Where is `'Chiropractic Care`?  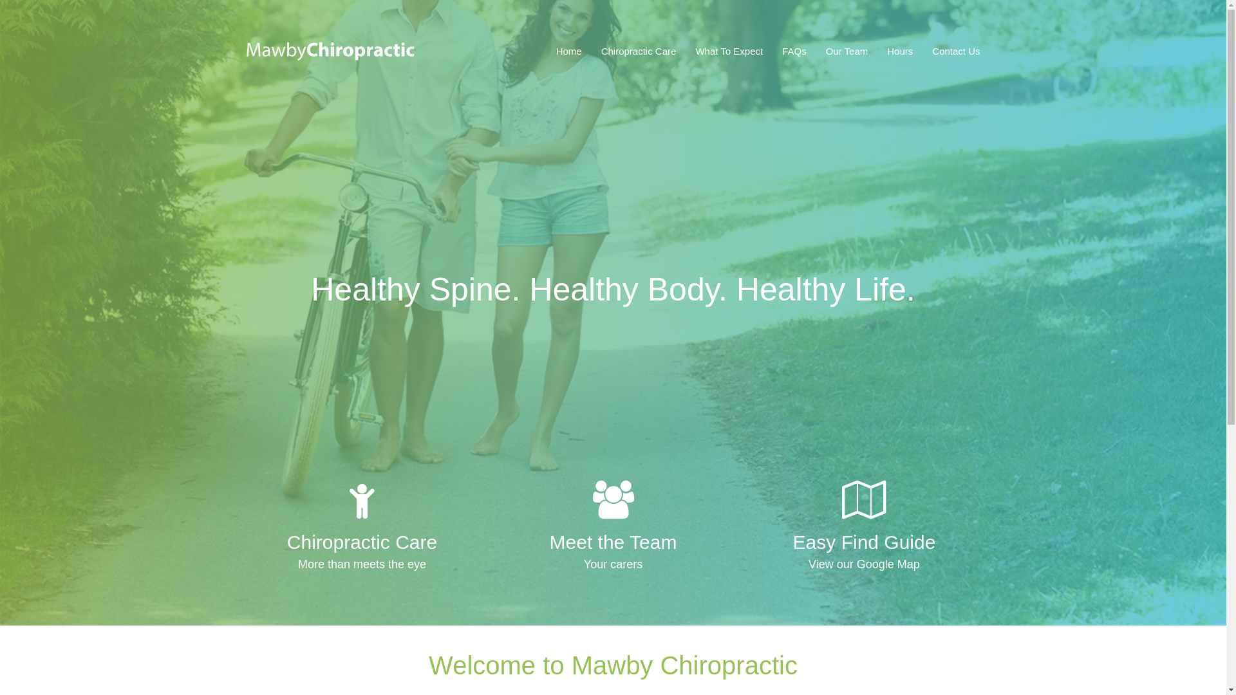 'Chiropractic Care is located at coordinates (360, 528).